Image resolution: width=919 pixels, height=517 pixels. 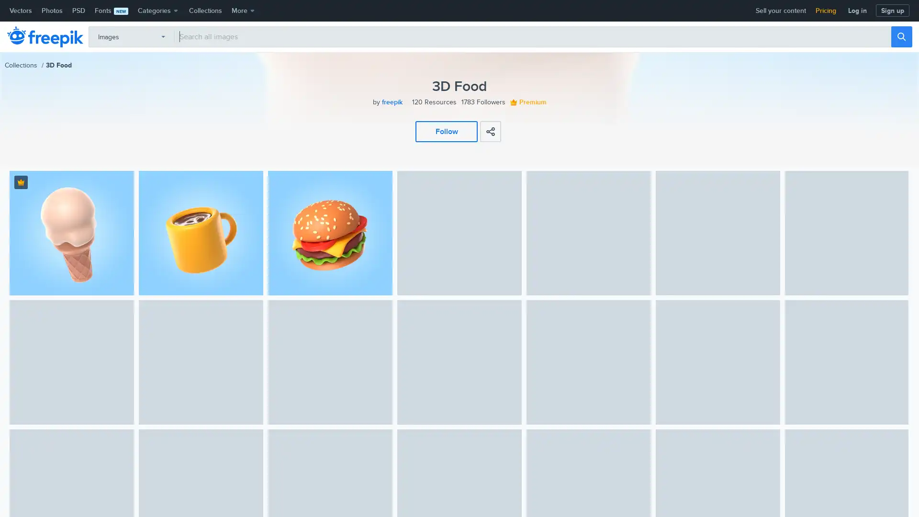 What do you see at coordinates (670, 496) in the screenshot?
I see `Do Not Sell My Personal Information` at bounding box center [670, 496].